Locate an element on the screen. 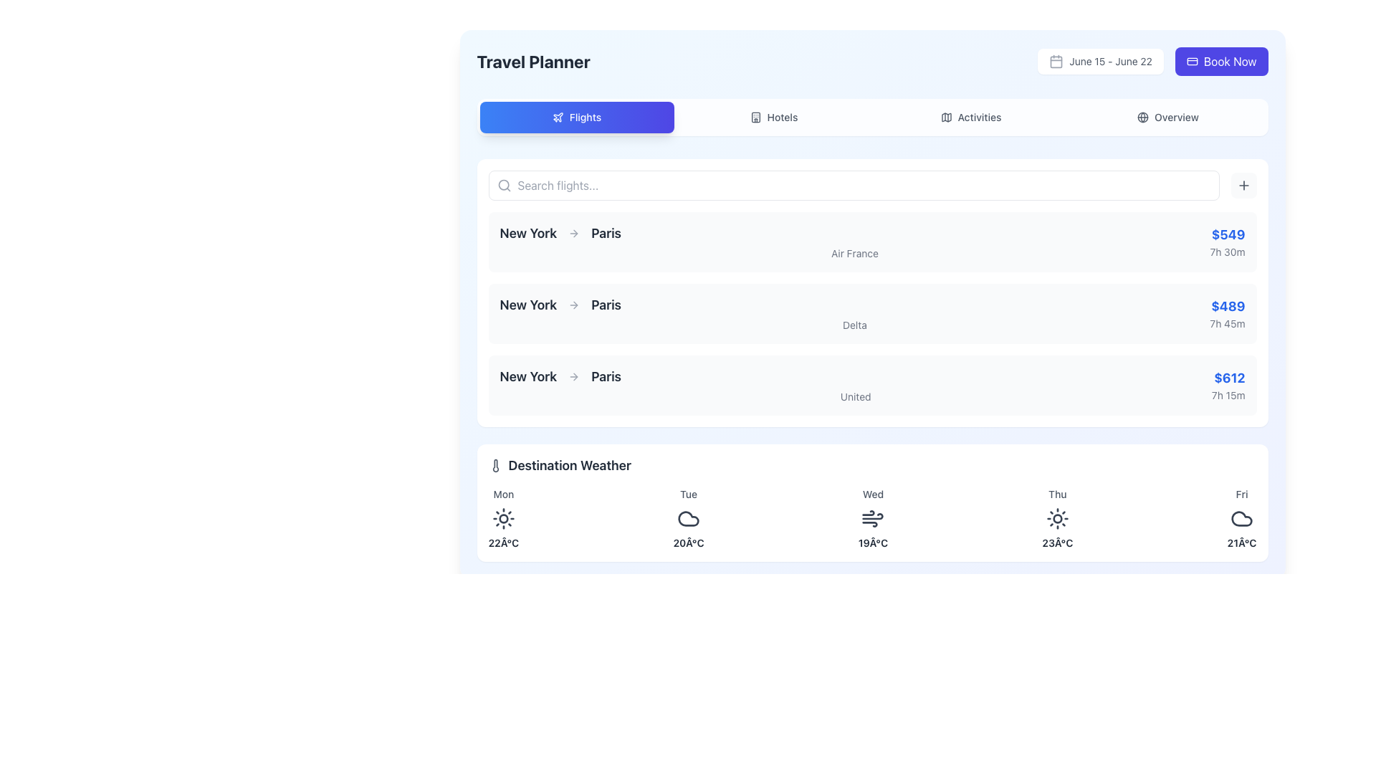 The height and width of the screenshot is (774, 1376). the cloud-shaped icon with a hollow center located in the weather forecast section under the 'Tuesday' column is located at coordinates (688, 519).